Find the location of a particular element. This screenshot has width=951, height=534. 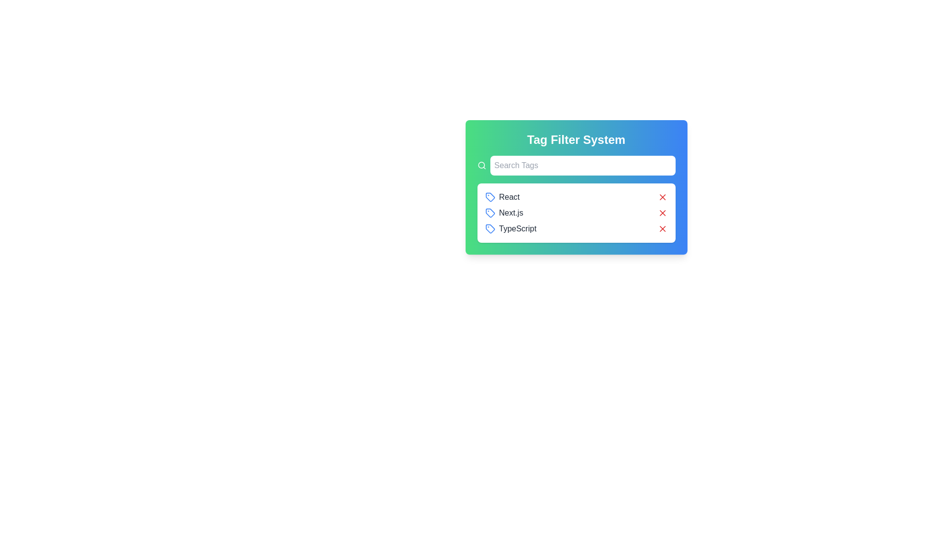

the first row in the tag filter system is located at coordinates (576, 197).